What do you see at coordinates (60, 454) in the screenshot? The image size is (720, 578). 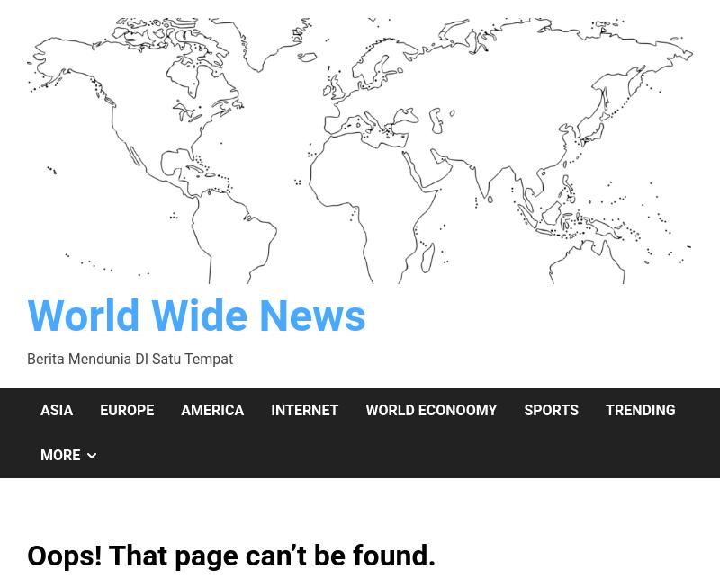 I see `'More'` at bounding box center [60, 454].